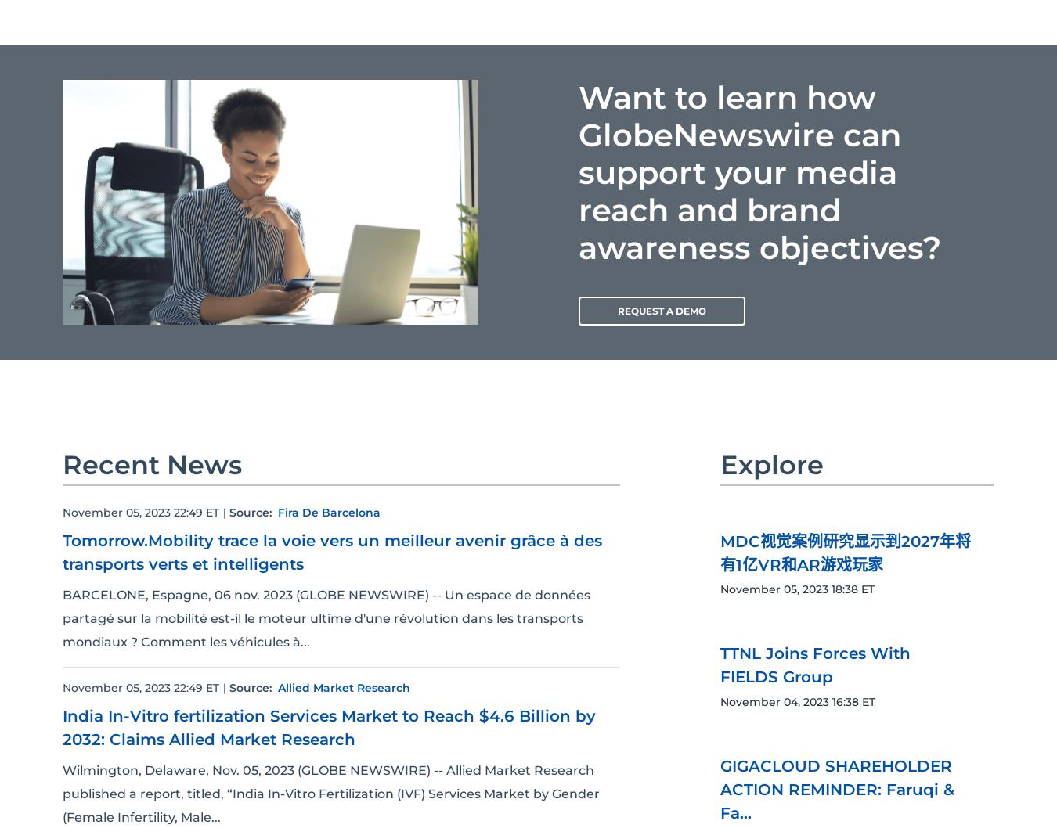 This screenshot has height=828, width=1057. What do you see at coordinates (815, 664) in the screenshot?
I see `'TTNL Joins Forces With FIELDS Group'` at bounding box center [815, 664].